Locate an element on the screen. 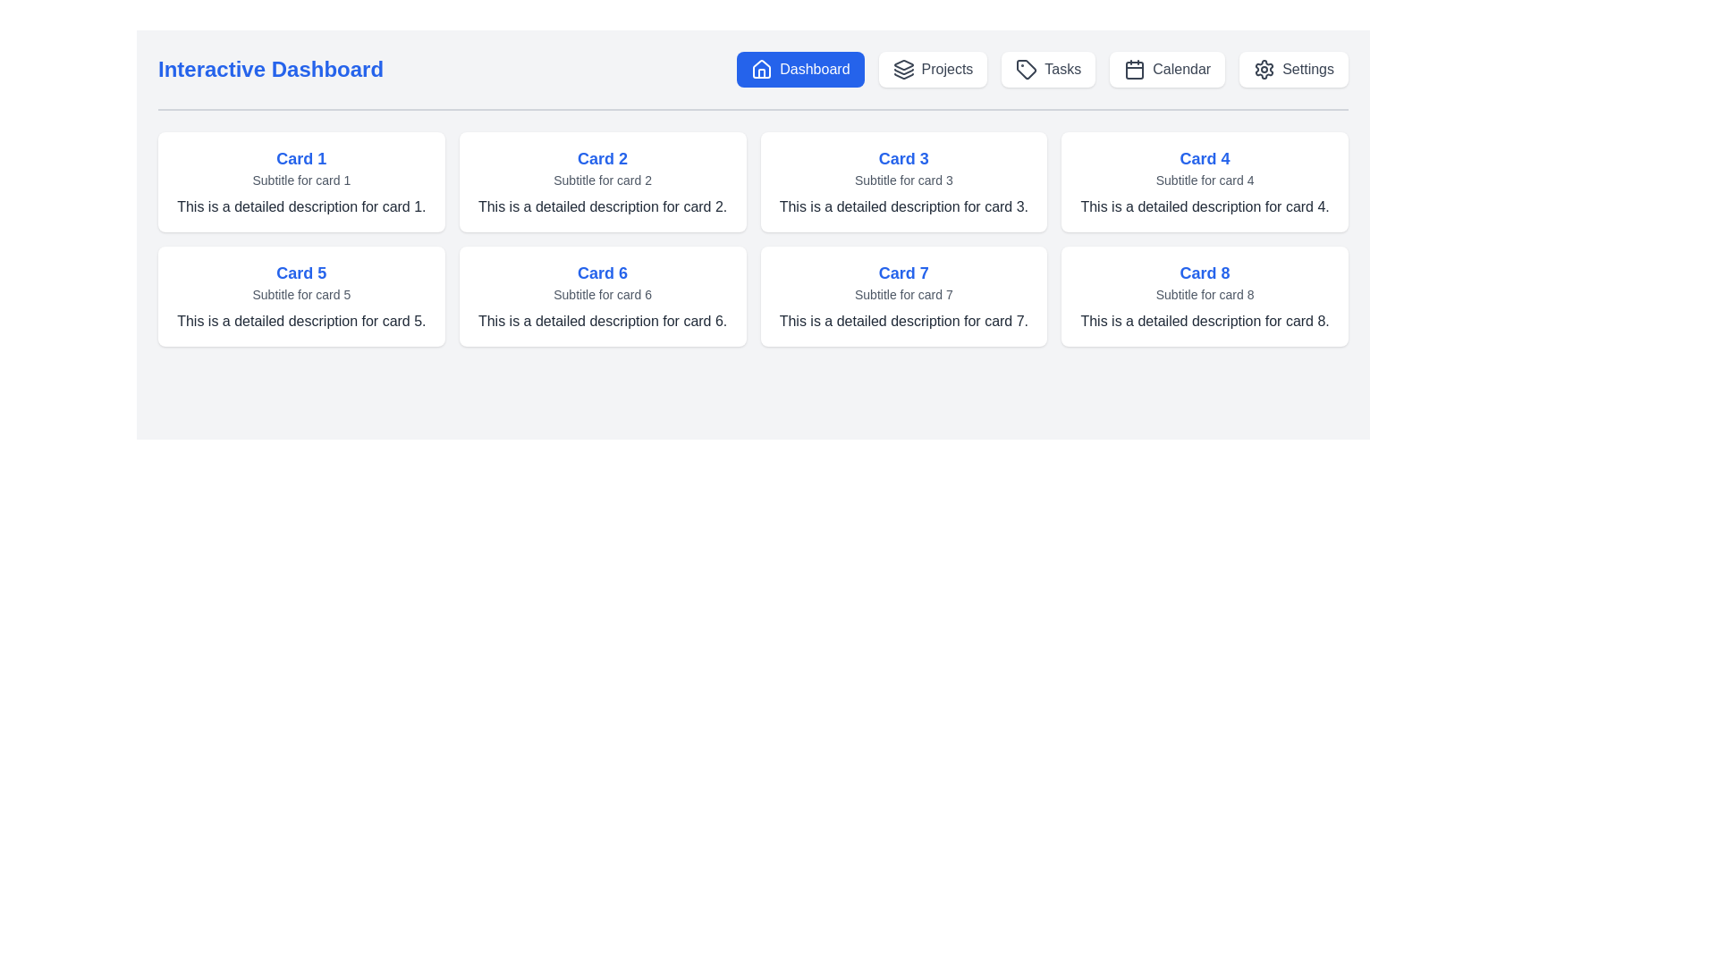 The width and height of the screenshot is (1717, 965). the text element displaying 'Subtitle for card 4', which is located under the larger heading text within the white card titled 'Card 4' is located at coordinates (1205, 180).